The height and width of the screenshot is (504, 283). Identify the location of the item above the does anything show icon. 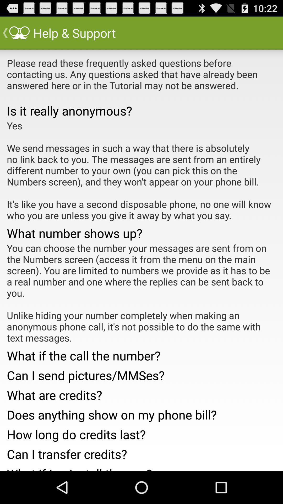
(141, 393).